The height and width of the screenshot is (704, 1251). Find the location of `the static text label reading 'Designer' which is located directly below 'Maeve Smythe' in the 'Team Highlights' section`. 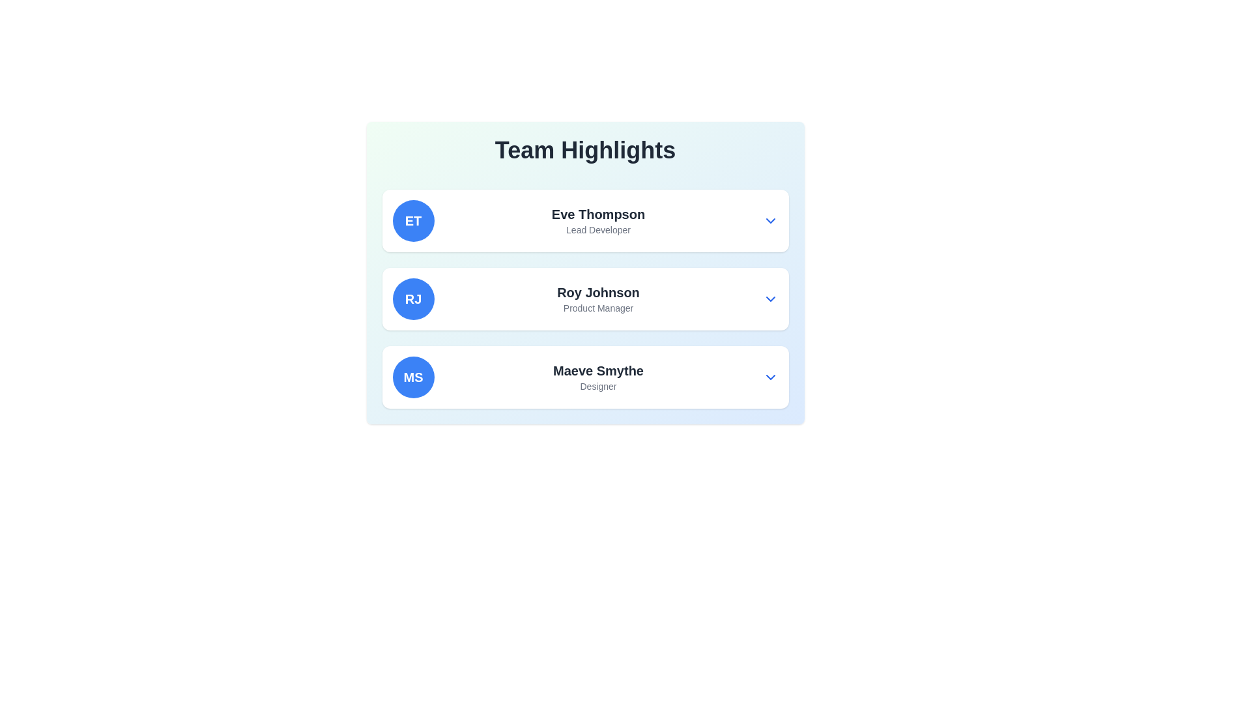

the static text label reading 'Designer' which is located directly below 'Maeve Smythe' in the 'Team Highlights' section is located at coordinates (597, 386).